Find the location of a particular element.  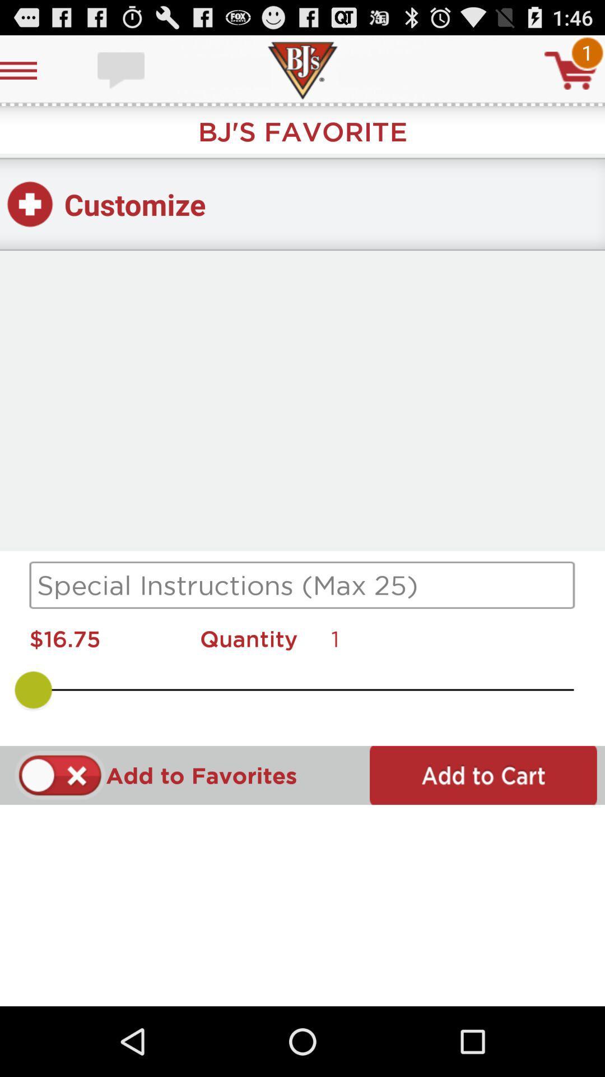

close button is located at coordinates (60, 775).